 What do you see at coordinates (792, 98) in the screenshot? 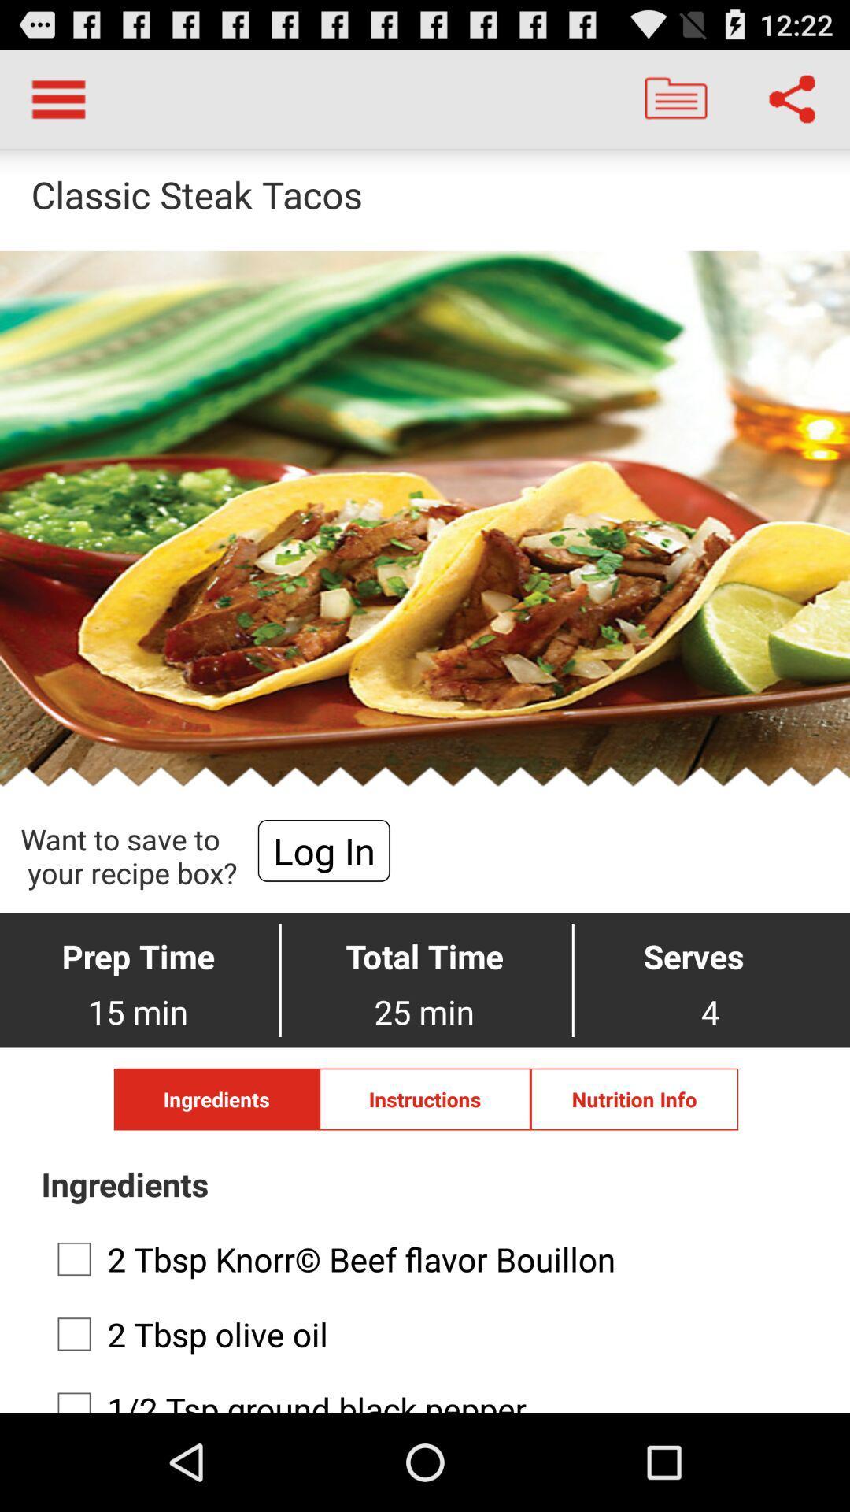
I see `share icon` at bounding box center [792, 98].